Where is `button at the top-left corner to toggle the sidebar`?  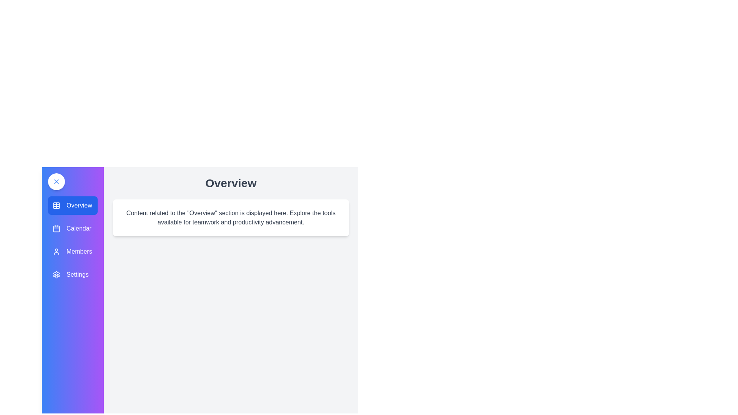
button at the top-left corner to toggle the sidebar is located at coordinates (56, 182).